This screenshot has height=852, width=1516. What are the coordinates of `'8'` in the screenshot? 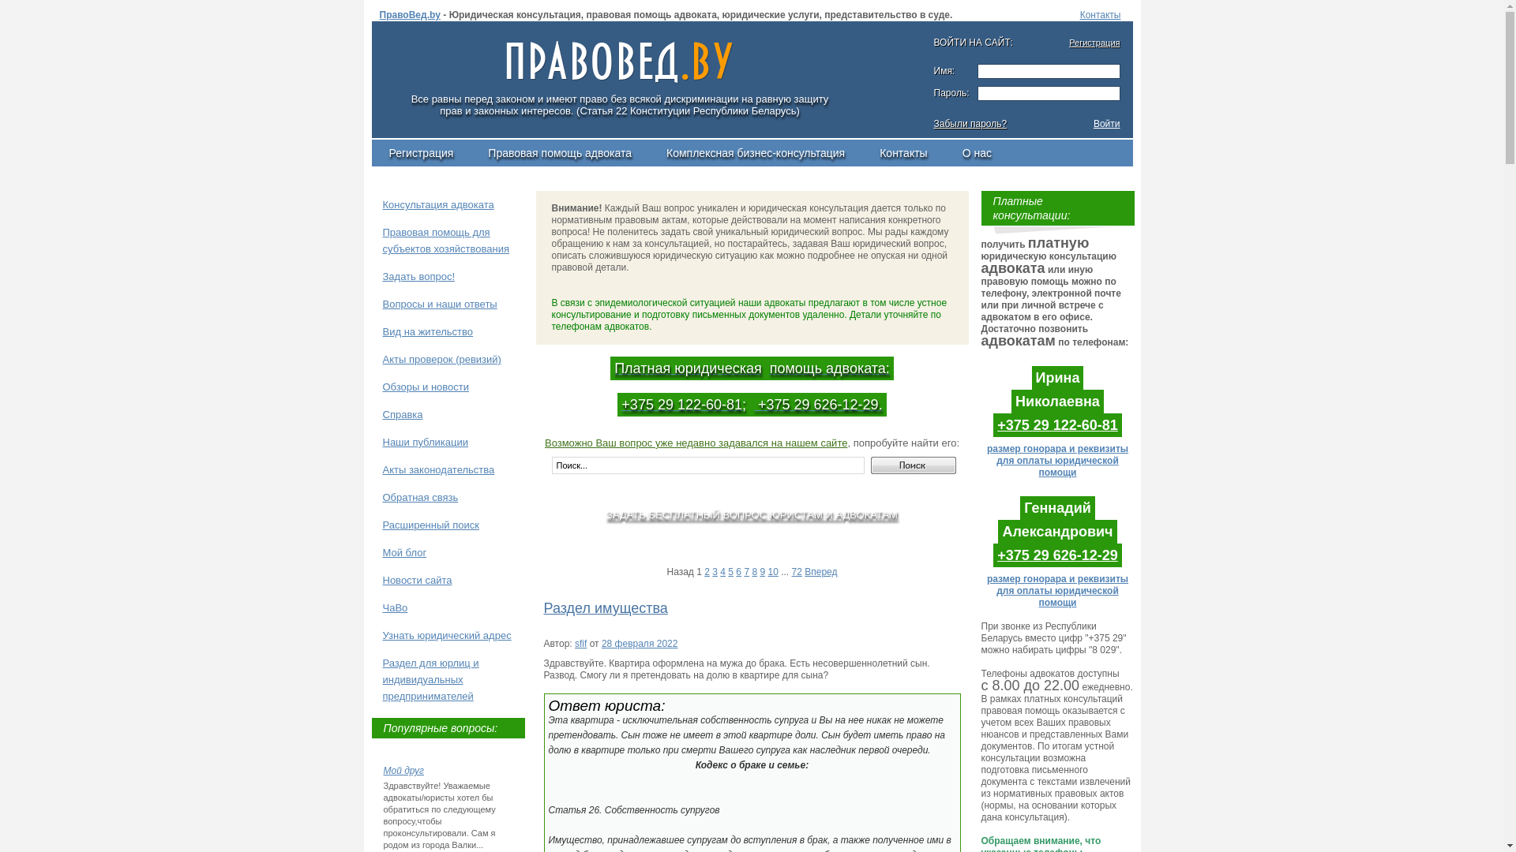 It's located at (753, 572).